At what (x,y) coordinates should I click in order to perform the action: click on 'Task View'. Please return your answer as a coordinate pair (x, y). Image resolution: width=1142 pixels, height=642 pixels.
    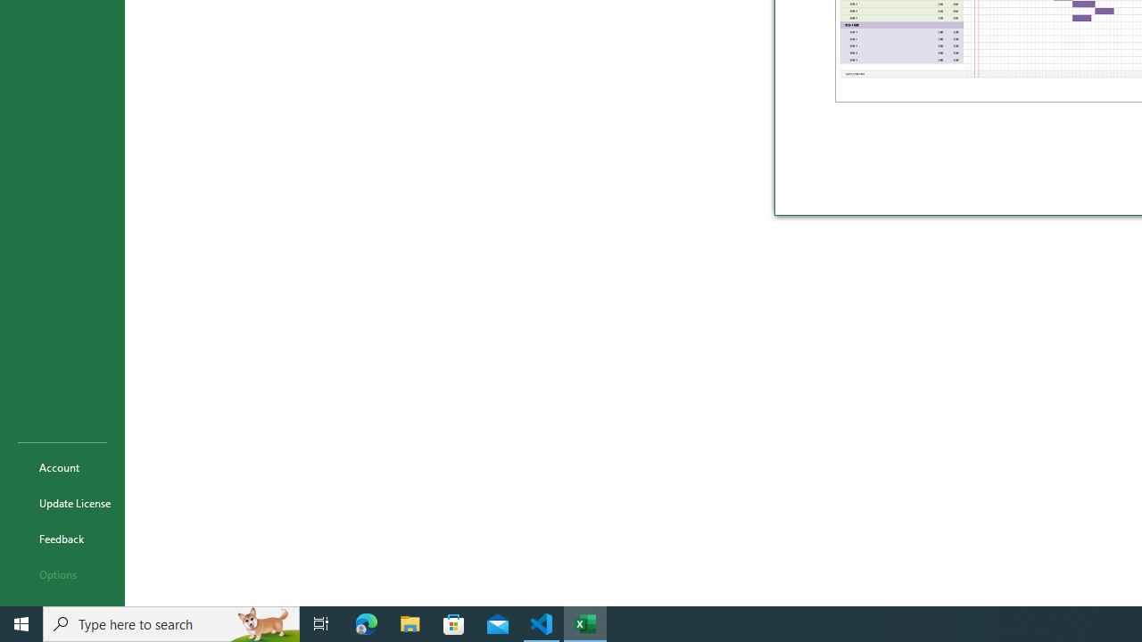
    Looking at the image, I should click on (320, 622).